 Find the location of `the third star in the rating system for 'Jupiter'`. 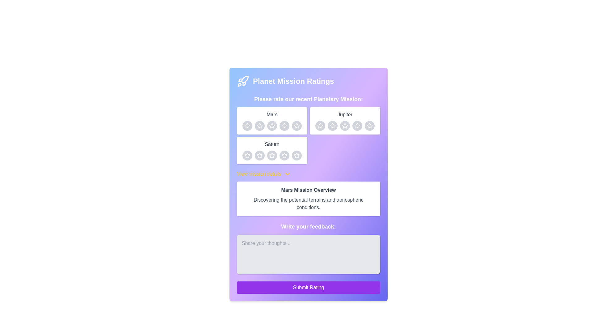

the third star in the rating system for 'Jupiter' is located at coordinates (345, 126).